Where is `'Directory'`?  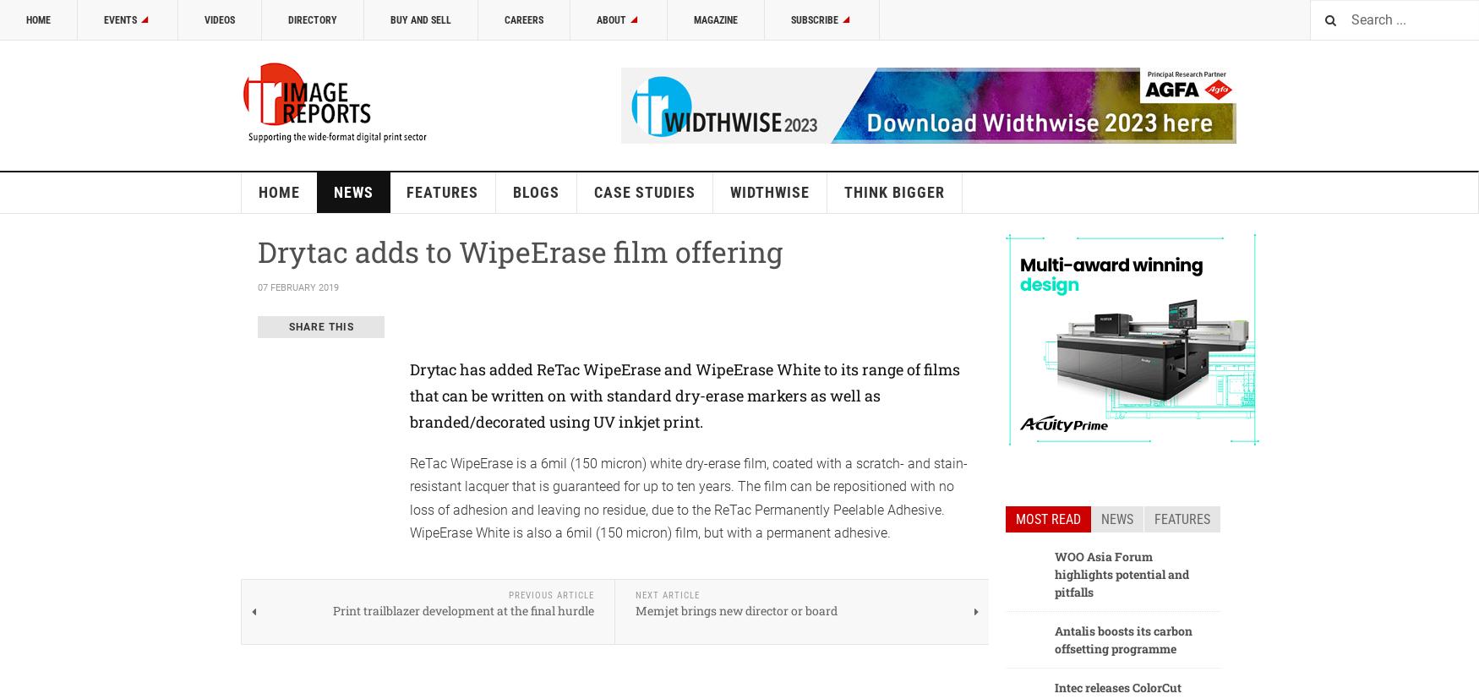
'Directory' is located at coordinates (312, 19).